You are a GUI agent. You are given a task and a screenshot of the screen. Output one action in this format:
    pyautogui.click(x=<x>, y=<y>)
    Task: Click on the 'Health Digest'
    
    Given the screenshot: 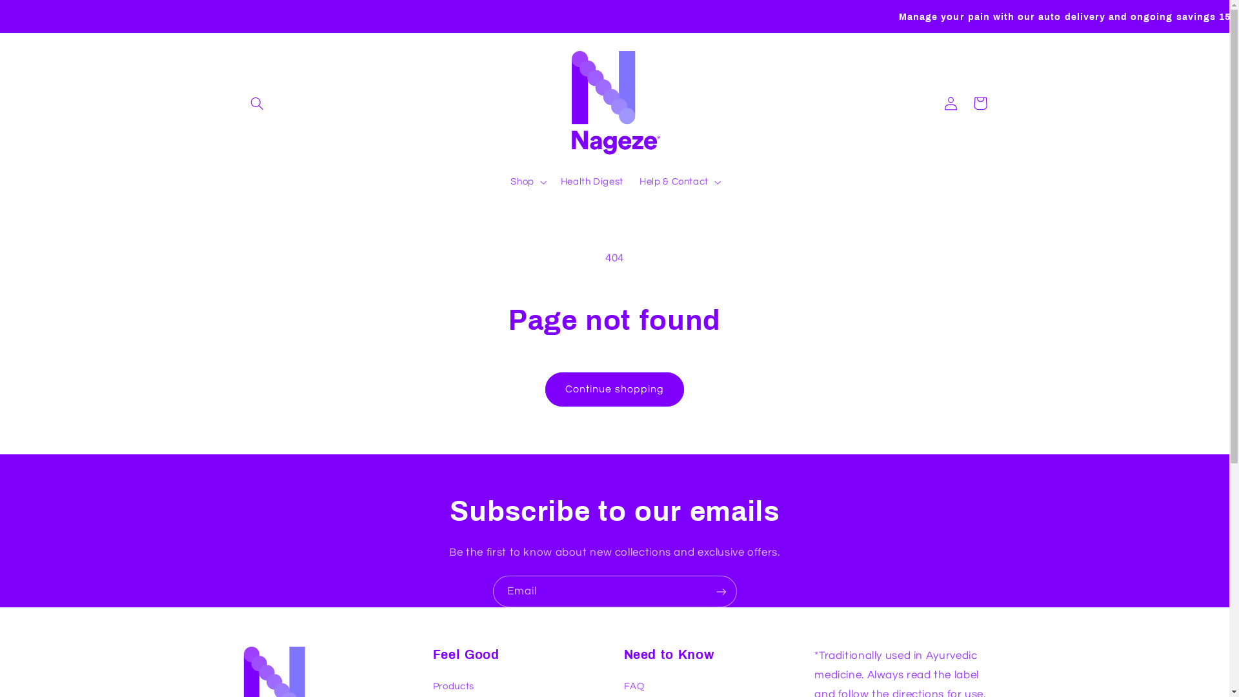 What is the action you would take?
    pyautogui.click(x=590, y=181)
    